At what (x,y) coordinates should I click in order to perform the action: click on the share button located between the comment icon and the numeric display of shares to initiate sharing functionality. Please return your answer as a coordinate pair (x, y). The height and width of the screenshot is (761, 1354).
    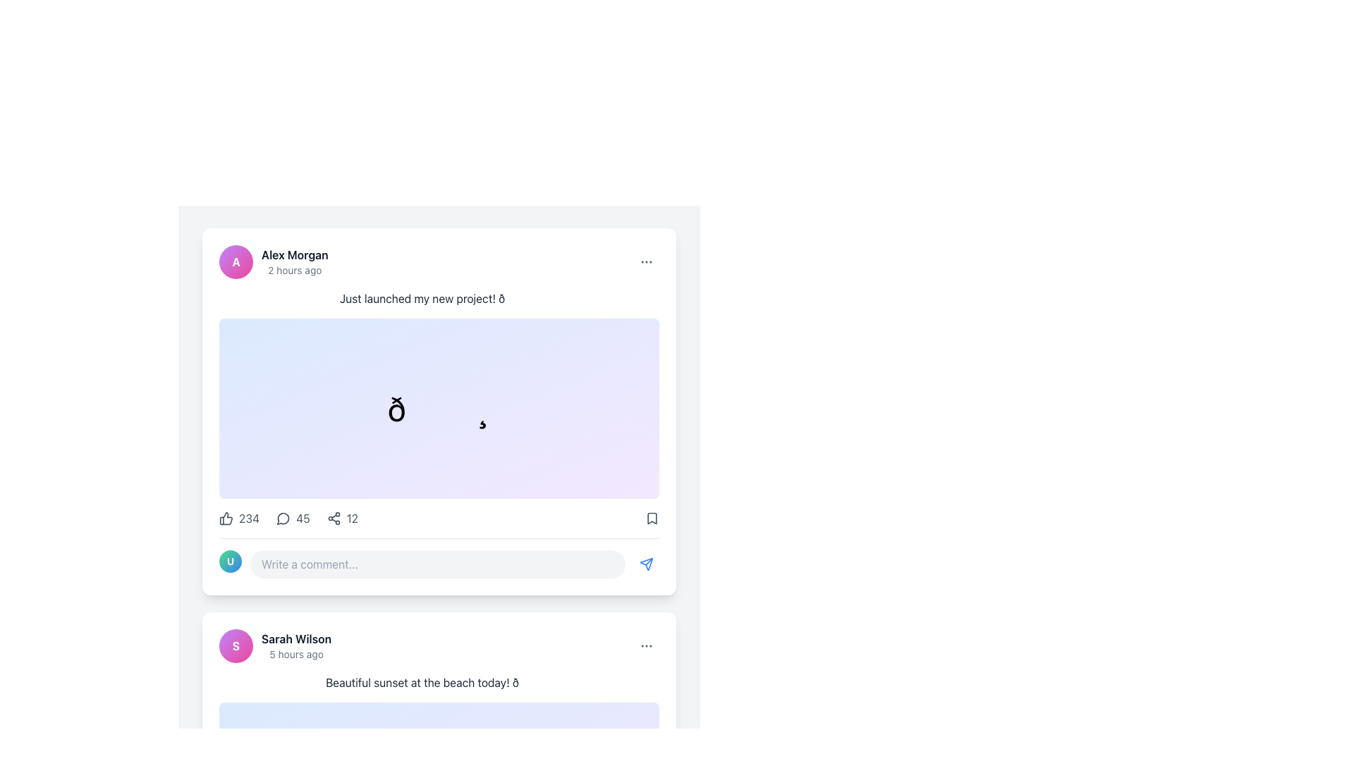
    Looking at the image, I should click on (333, 519).